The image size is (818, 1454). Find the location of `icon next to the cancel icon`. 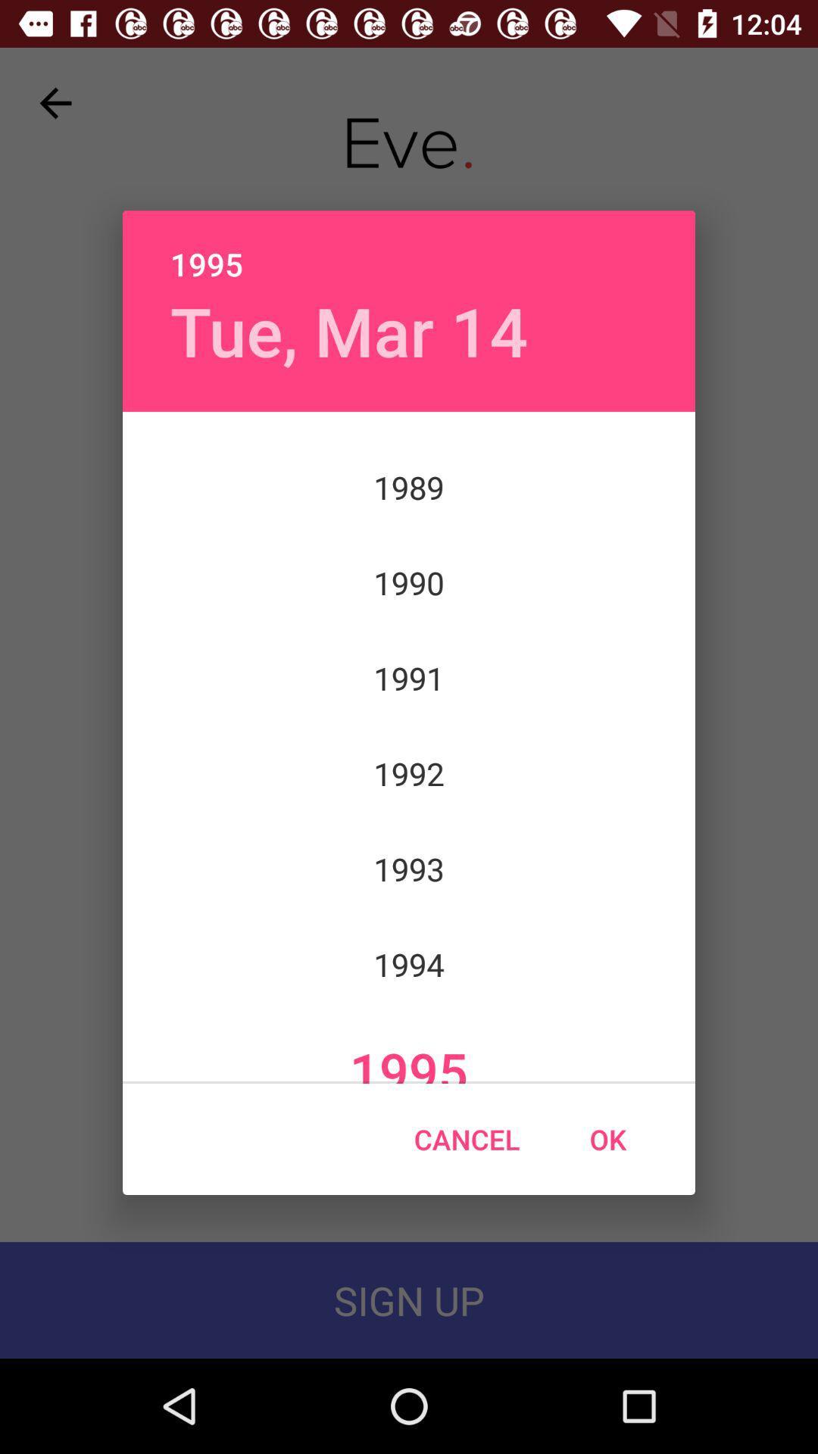

icon next to the cancel icon is located at coordinates (607, 1139).